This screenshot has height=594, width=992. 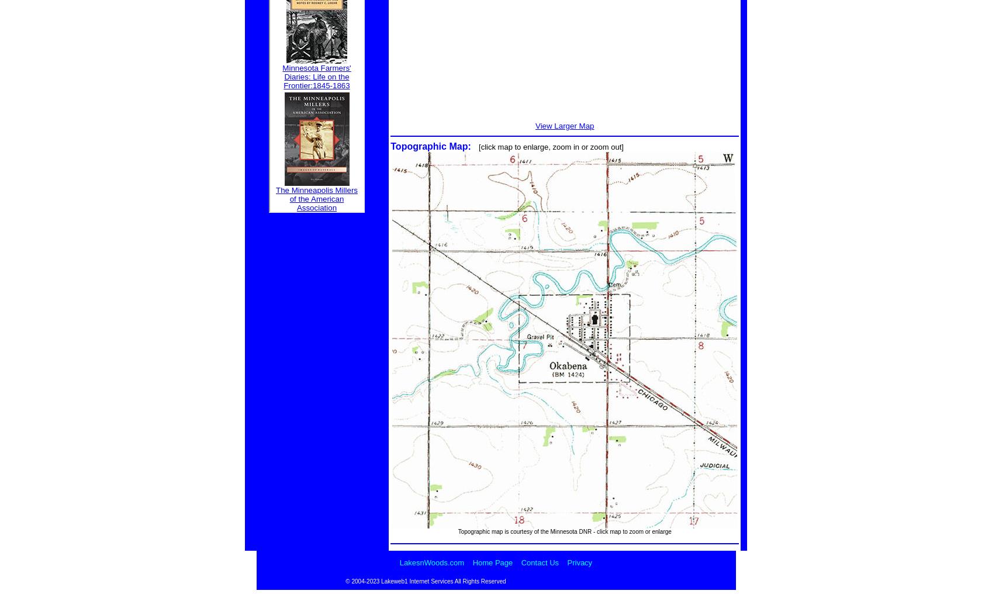 I want to click on '© 2004-2023 Lakeweb1 Internet Services  
		All Rights Reserved', so click(x=425, y=581).